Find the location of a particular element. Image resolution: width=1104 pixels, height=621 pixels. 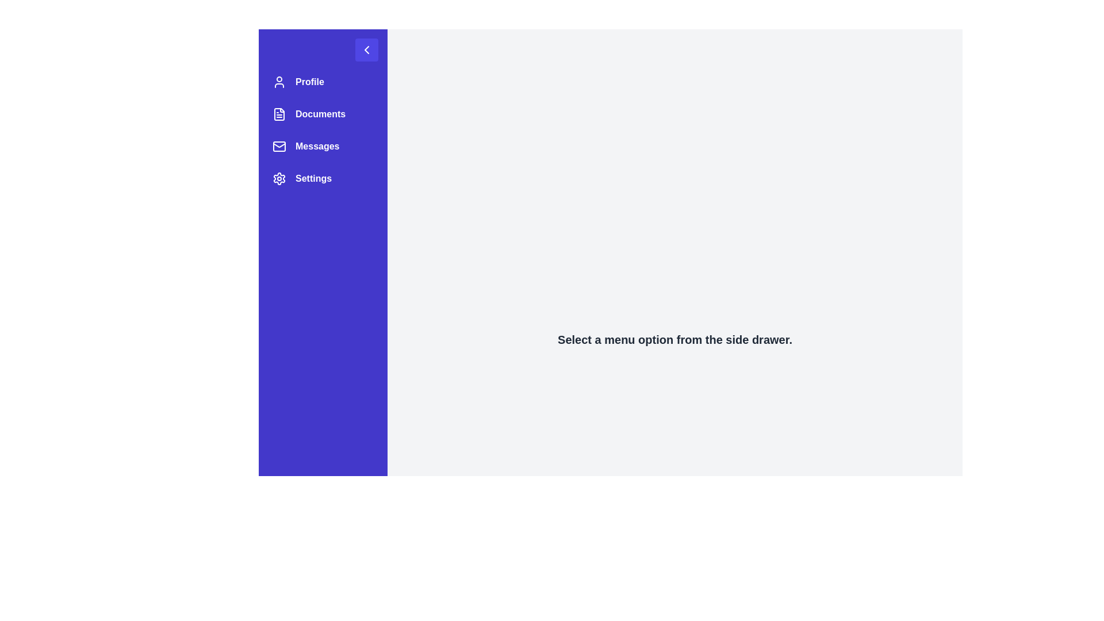

the 'Profile' icon located at the top of the left-side menu, next to the 'Profile' text label is located at coordinates (279, 81).